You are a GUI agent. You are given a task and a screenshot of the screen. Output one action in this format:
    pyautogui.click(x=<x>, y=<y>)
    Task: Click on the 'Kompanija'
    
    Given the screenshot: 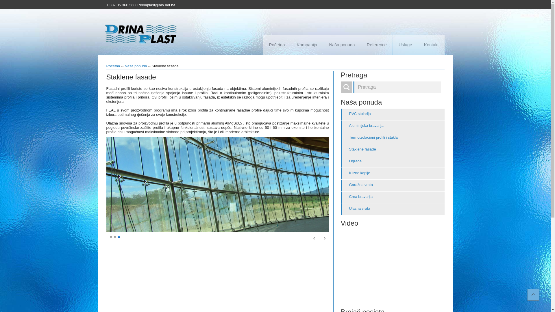 What is the action you would take?
    pyautogui.click(x=307, y=44)
    